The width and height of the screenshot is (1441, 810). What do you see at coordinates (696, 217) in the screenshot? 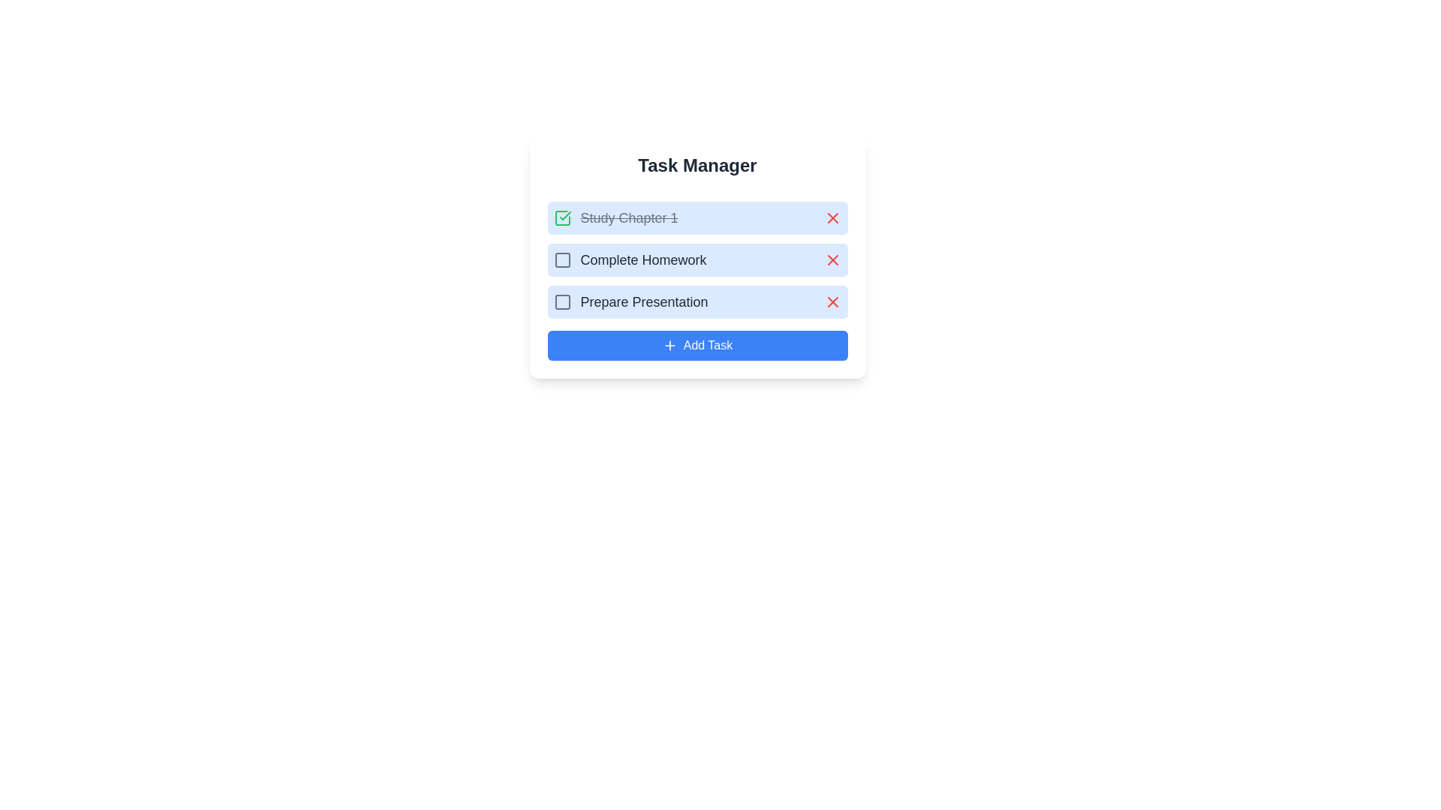
I see `the highlighted task item labeled 'Study Chapter 1'` at bounding box center [696, 217].